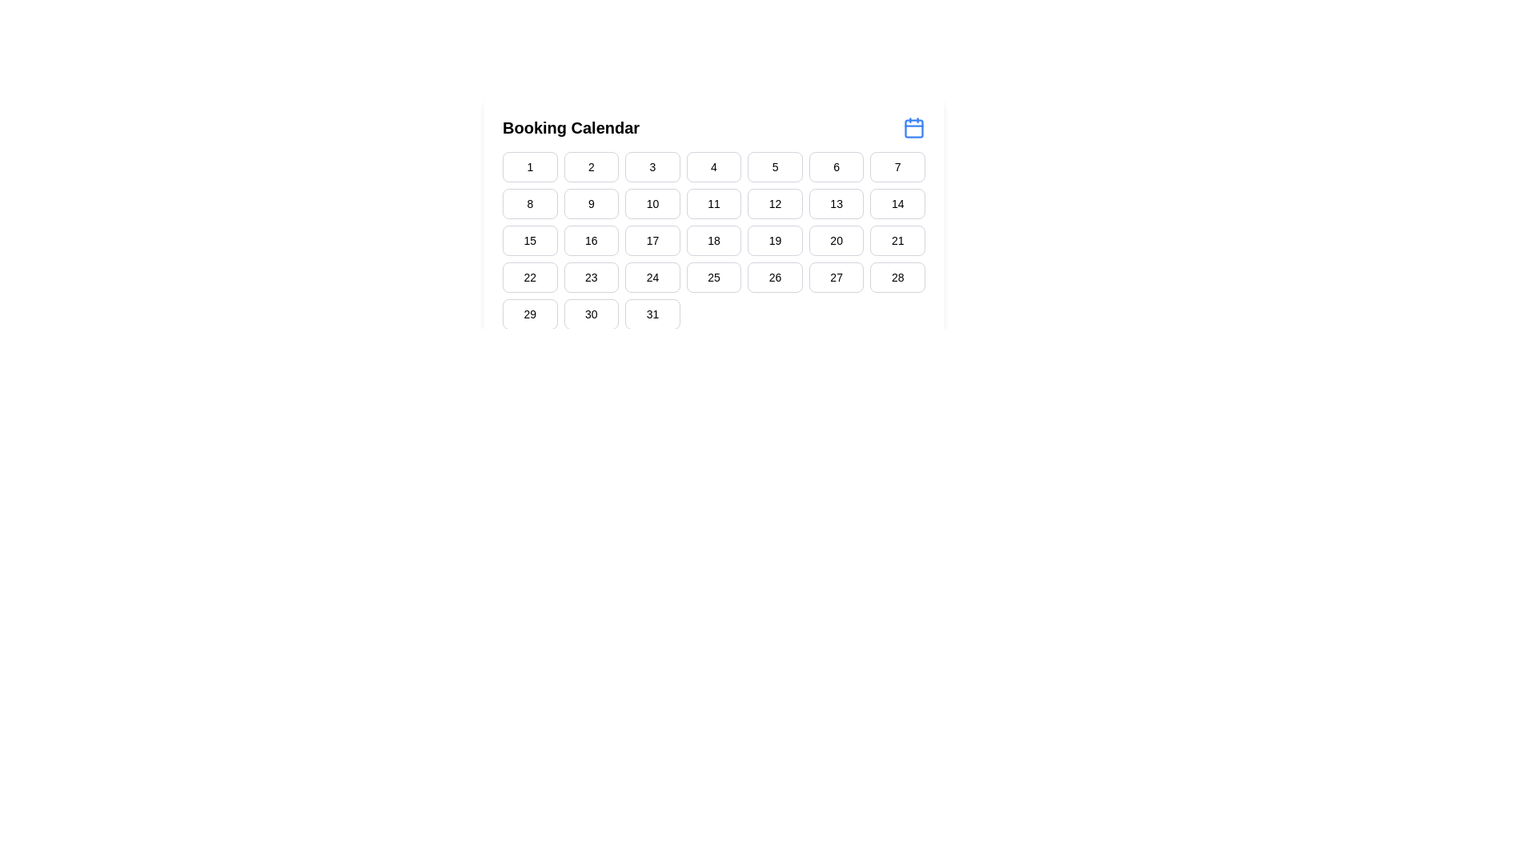  I want to click on the rounded rectangular button labeled '1' located, so click(530, 166).